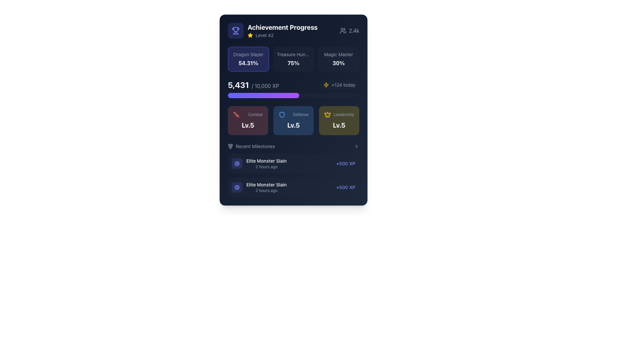 The width and height of the screenshot is (634, 357). What do you see at coordinates (266, 185) in the screenshot?
I see `the text label indicating the accomplishment 'Elite Monster Slain' in the Recent Milestones section of the interface` at bounding box center [266, 185].